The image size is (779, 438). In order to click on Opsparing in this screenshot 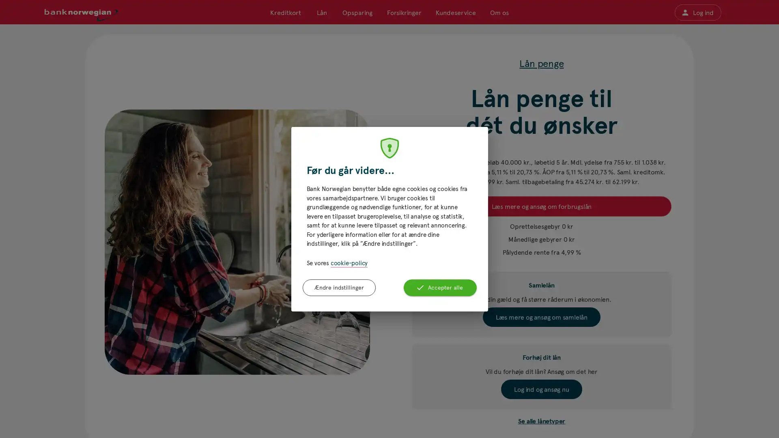, I will do `click(357, 12)`.